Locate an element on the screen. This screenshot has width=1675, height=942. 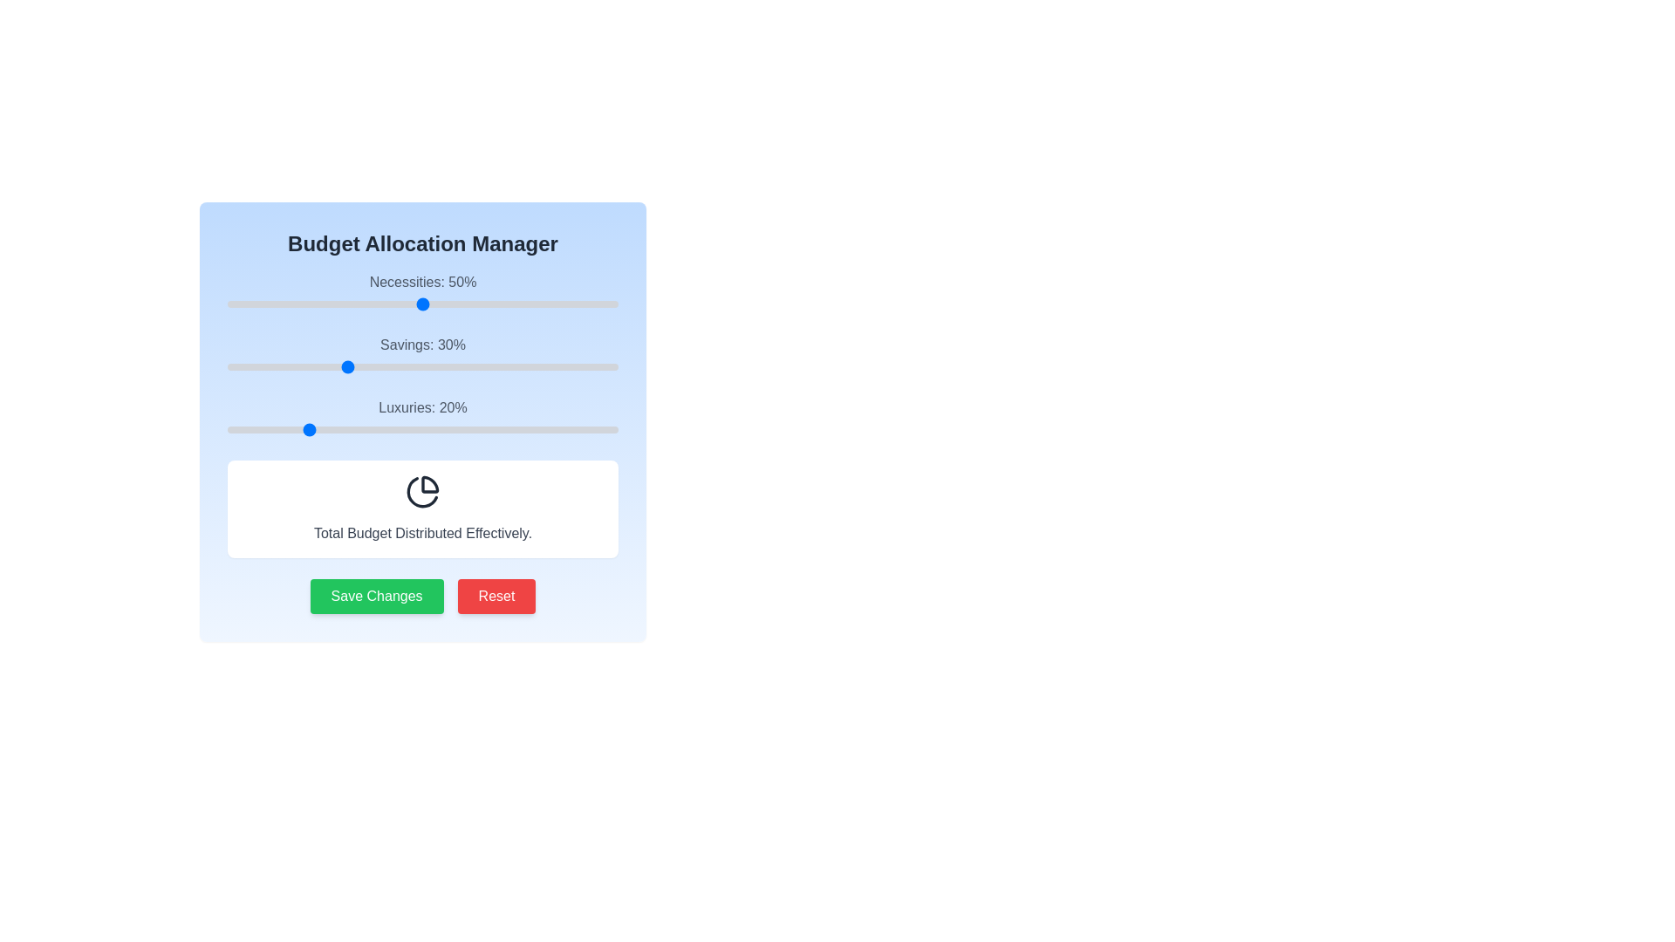
the luxuries allocation is located at coordinates (555, 430).